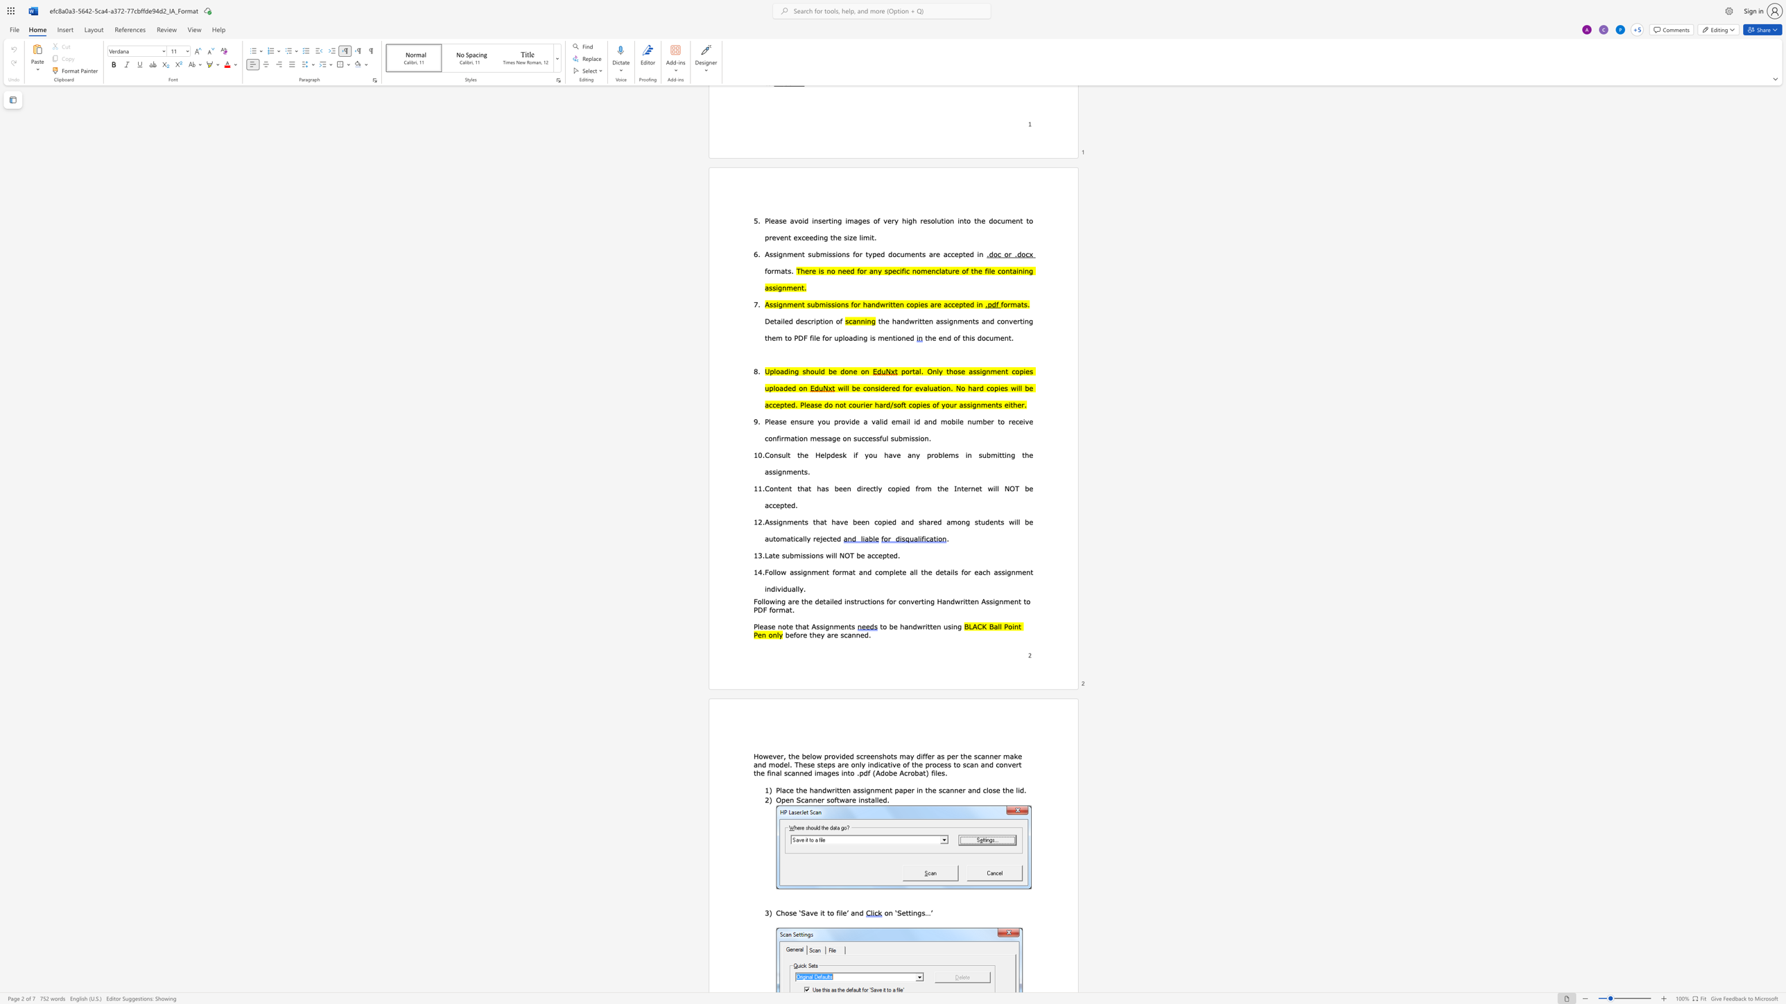  I want to click on the 2th character "i" in the text, so click(840, 913).